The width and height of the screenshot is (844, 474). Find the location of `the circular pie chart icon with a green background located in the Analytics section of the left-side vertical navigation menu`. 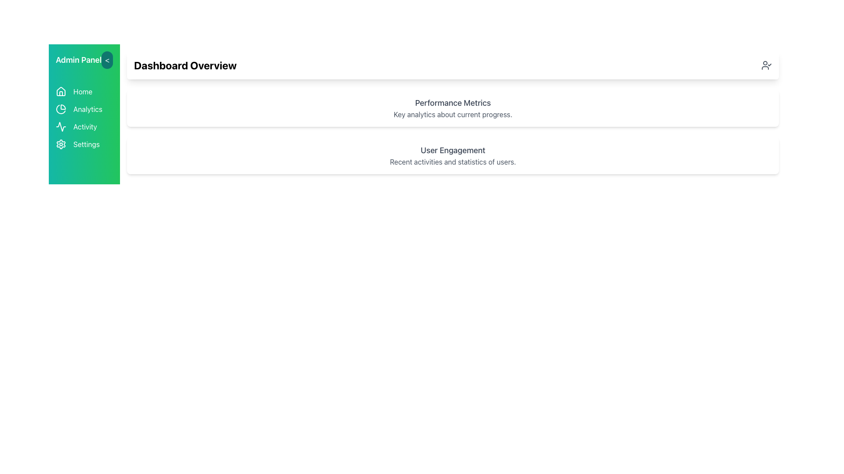

the circular pie chart icon with a green background located in the Analytics section of the left-side vertical navigation menu is located at coordinates (61, 109).